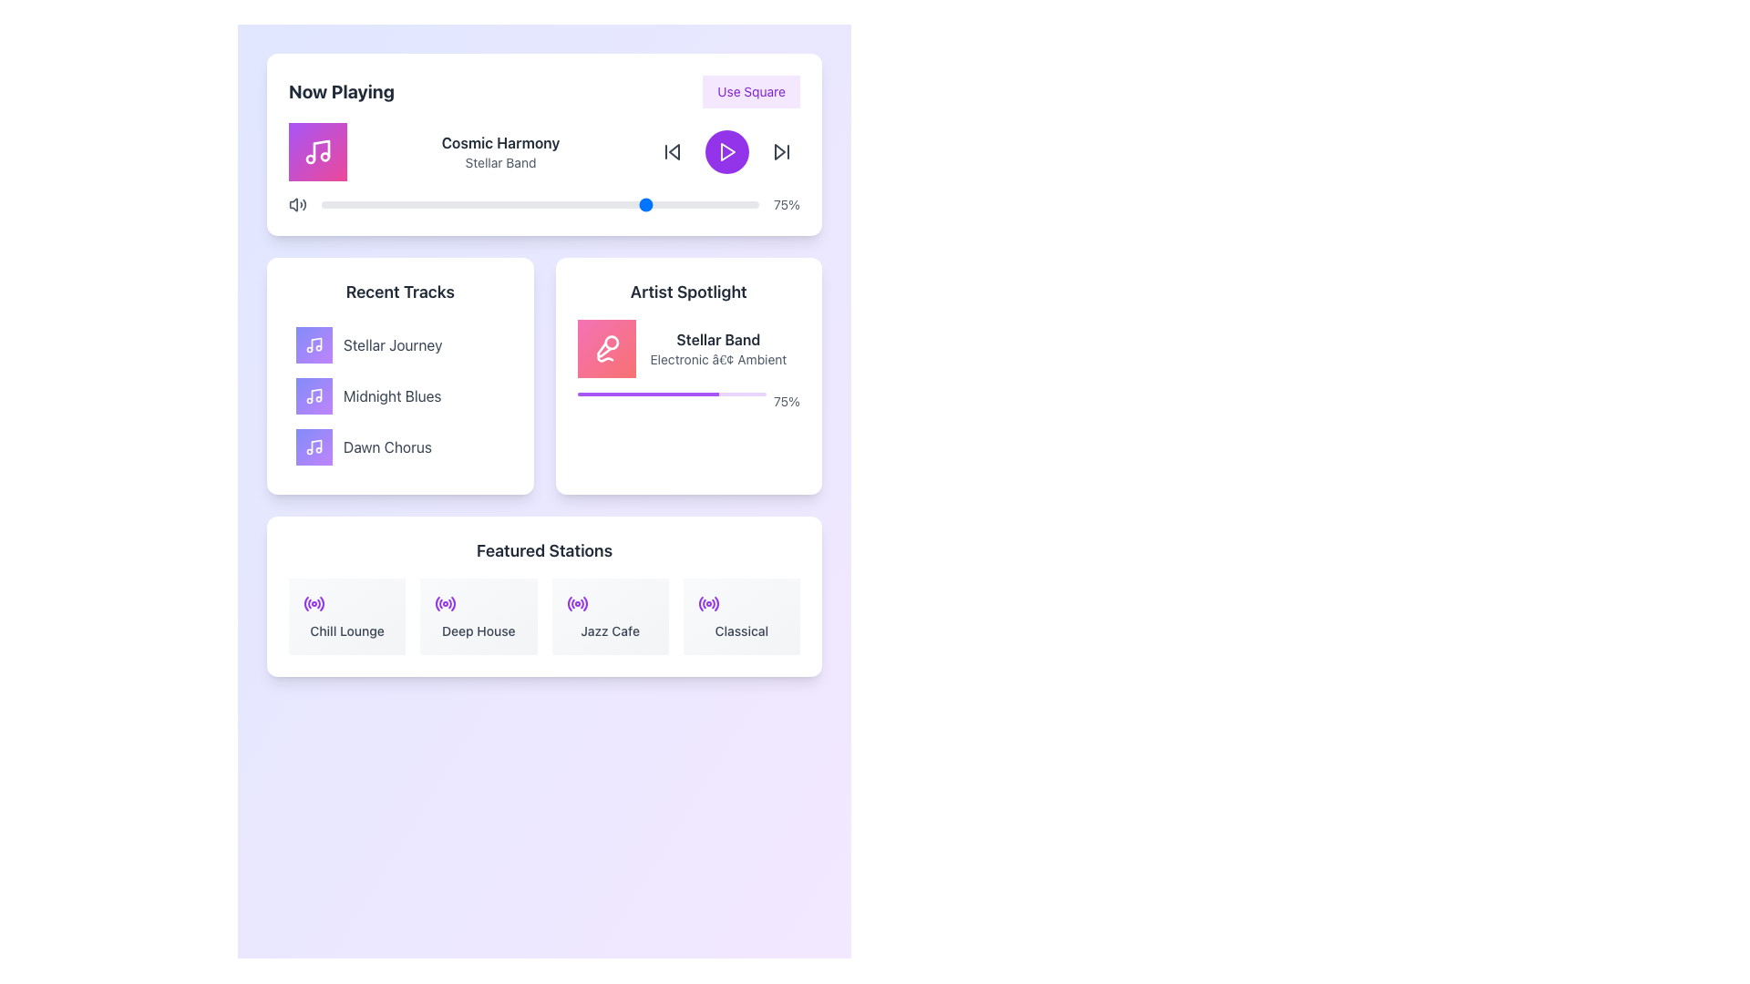  Describe the element at coordinates (787, 204) in the screenshot. I see `the text element displaying the volume percentage, which is located at the rightmost side of the volume control interface` at that location.